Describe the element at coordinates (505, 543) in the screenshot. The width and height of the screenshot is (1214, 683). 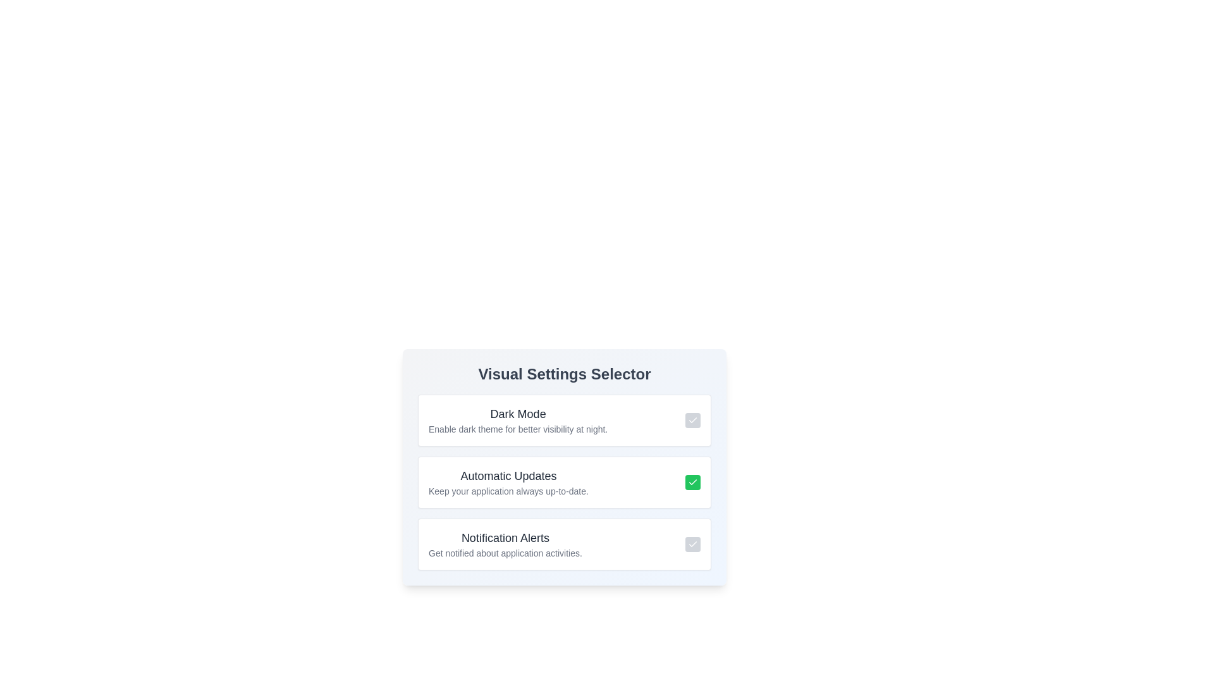
I see `the 'Notification Alerts' label within the settings panel` at that location.